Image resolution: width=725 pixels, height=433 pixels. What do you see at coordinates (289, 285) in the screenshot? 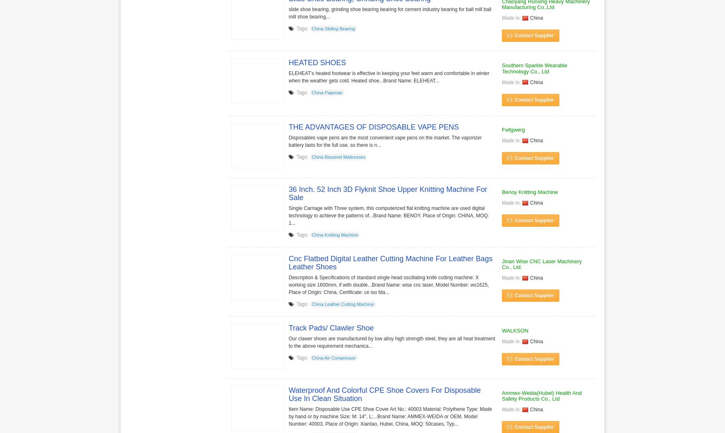
I see `'Description & Specifications of standard single head oscillating knife cutting machine:
X working size 1600mm, if with double...Brand Name: wise cnc laser, Model Number: ws1625, Place of Origin: China, Certificate: ce iso fda...'` at bounding box center [289, 285].